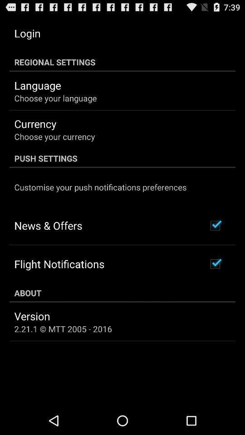  Describe the element at coordinates (100, 187) in the screenshot. I see `the customise your push icon` at that location.